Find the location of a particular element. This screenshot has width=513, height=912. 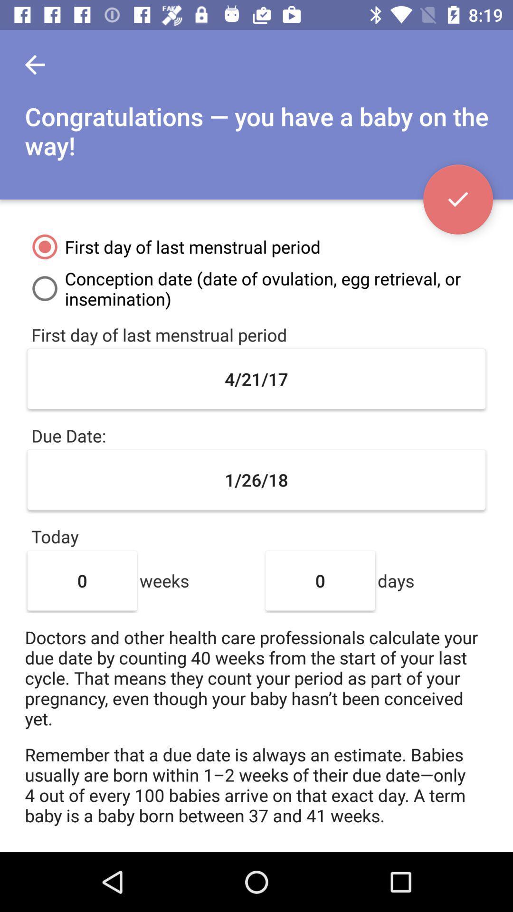

the icon next to the first day of icon is located at coordinates (457, 199).